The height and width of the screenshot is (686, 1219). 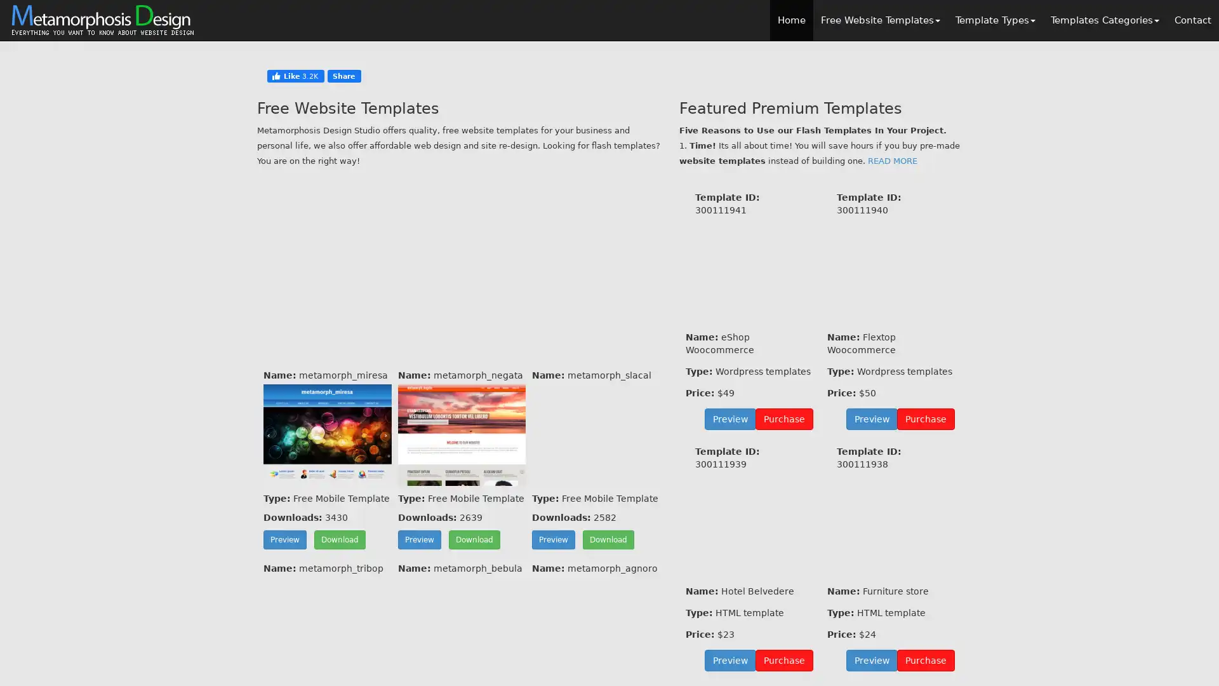 What do you see at coordinates (870, 419) in the screenshot?
I see `Preview` at bounding box center [870, 419].